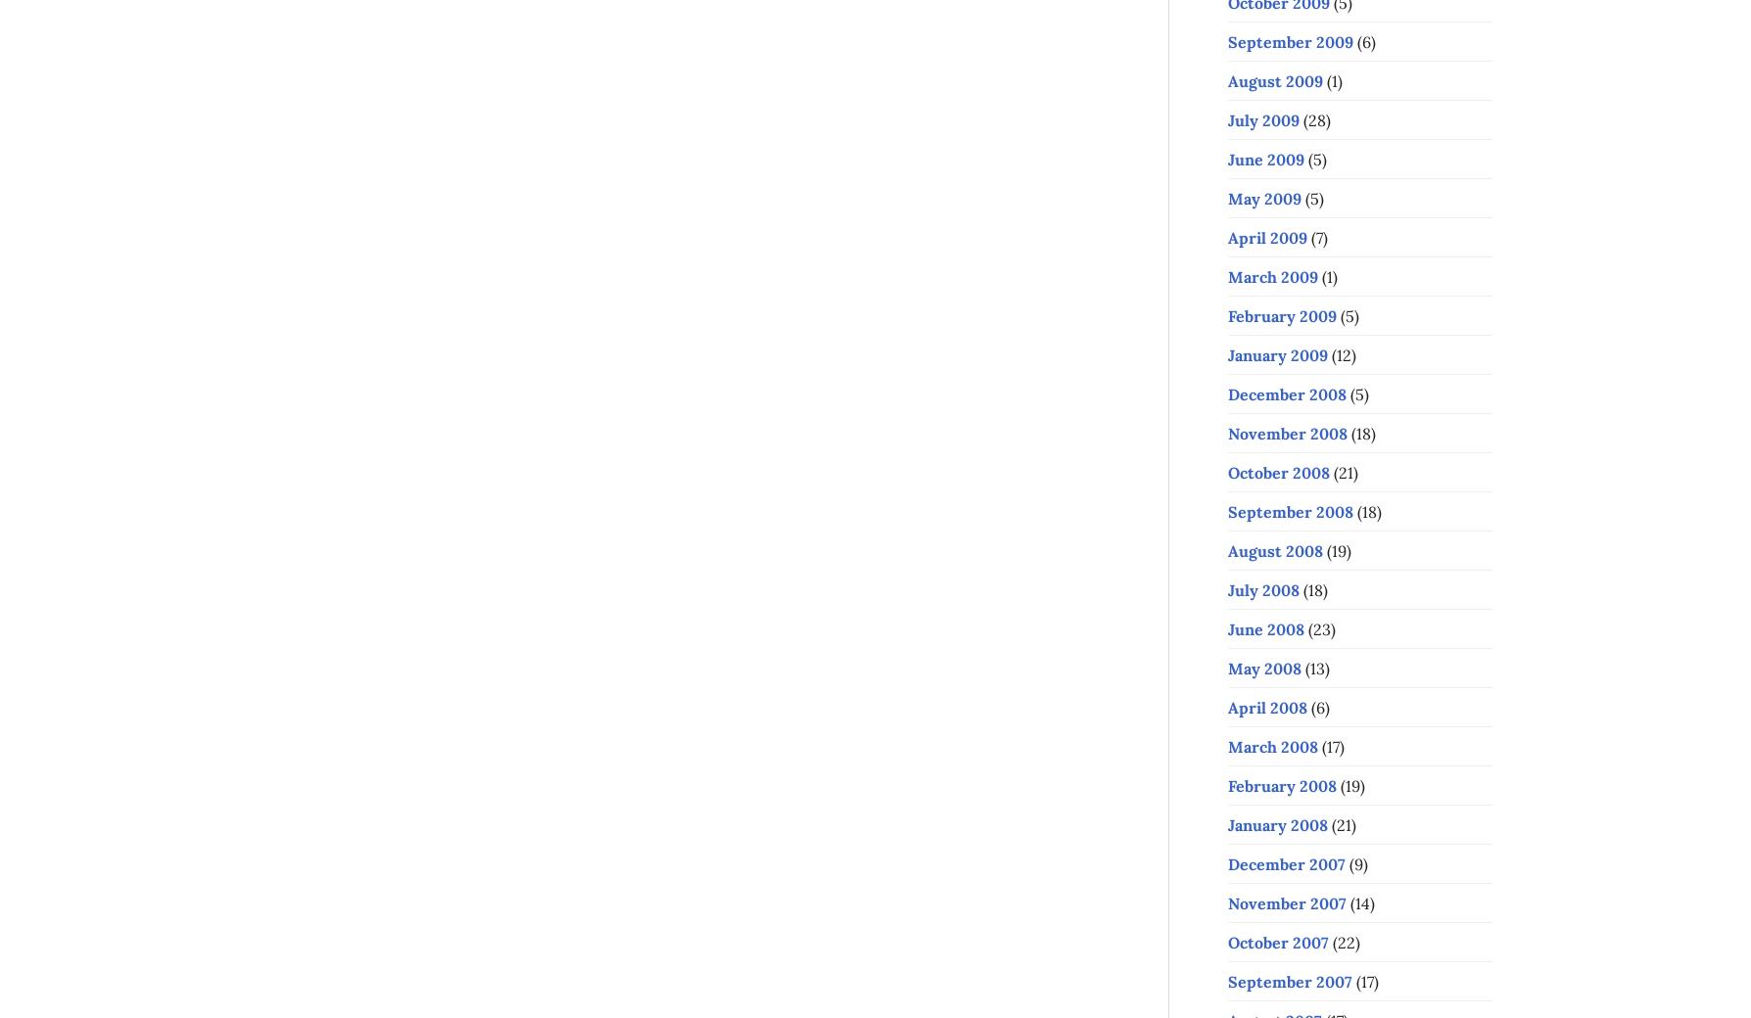  What do you see at coordinates (1317, 237) in the screenshot?
I see `'(7)'` at bounding box center [1317, 237].